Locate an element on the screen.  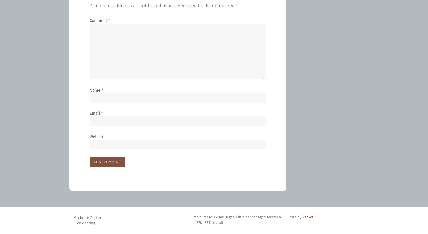
'Main Image: Edgar Degas, Little dancer aged fourteen (1878-1881), detail' is located at coordinates (237, 220).